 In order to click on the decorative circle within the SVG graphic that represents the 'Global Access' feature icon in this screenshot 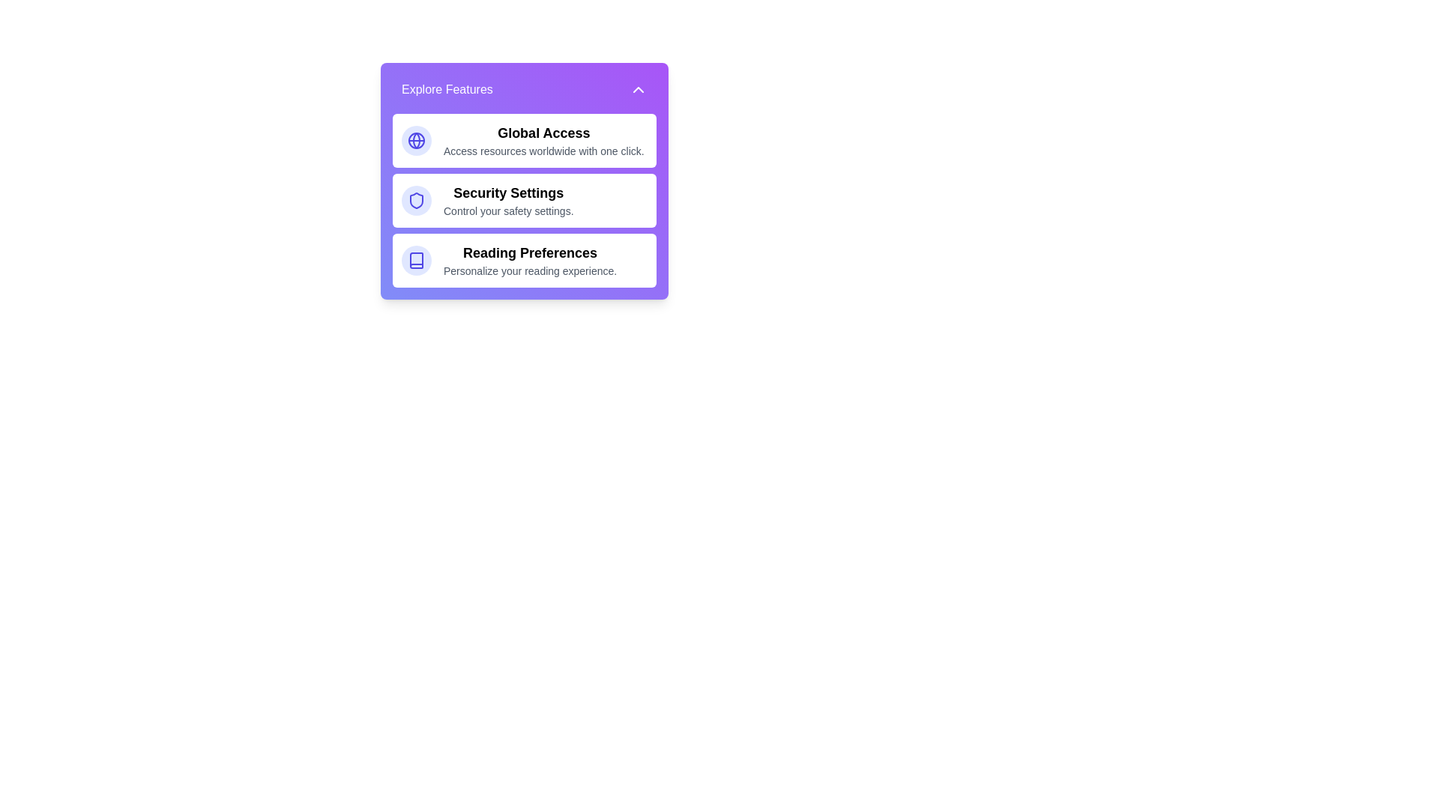, I will do `click(417, 141)`.